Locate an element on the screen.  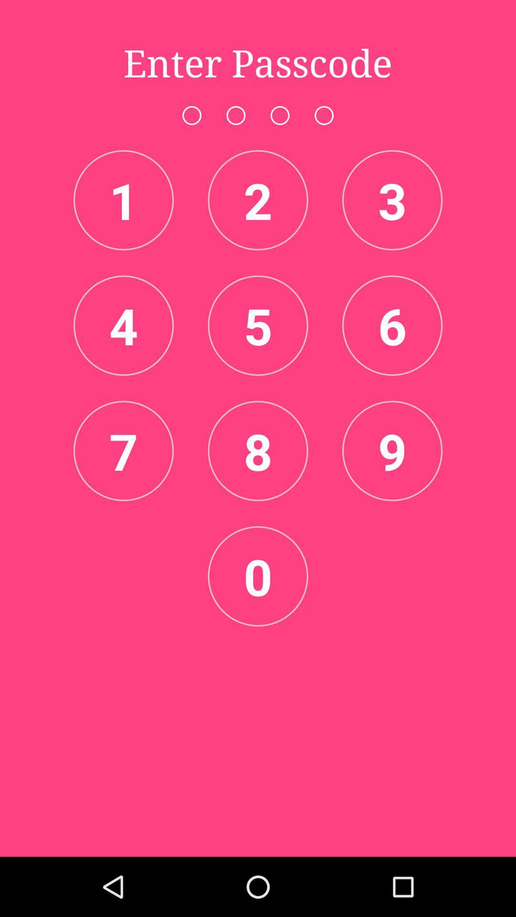
the item to the right of the 7 item is located at coordinates (258, 450).